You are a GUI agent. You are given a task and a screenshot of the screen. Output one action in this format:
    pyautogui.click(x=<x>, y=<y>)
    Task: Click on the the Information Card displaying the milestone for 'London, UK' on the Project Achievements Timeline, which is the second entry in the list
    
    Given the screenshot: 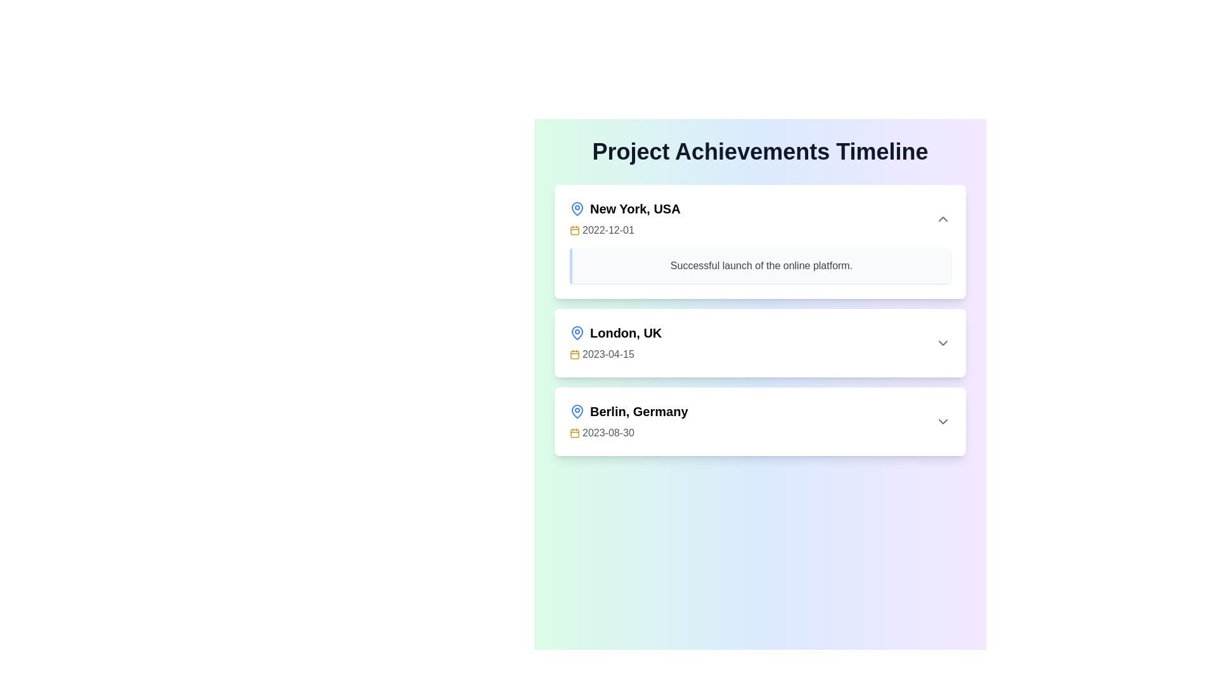 What is the action you would take?
    pyautogui.click(x=760, y=319)
    